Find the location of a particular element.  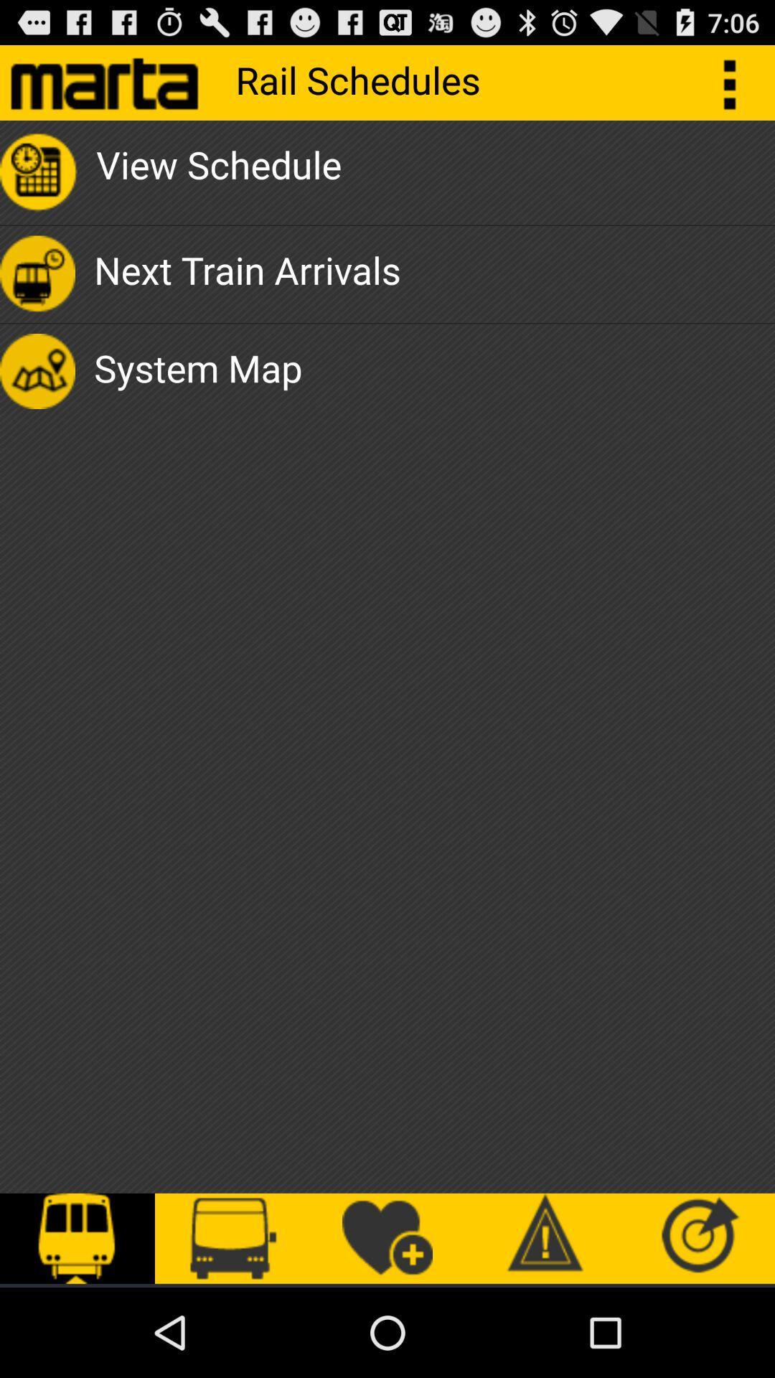

item to the right of the view schedule app is located at coordinates (737, 82).